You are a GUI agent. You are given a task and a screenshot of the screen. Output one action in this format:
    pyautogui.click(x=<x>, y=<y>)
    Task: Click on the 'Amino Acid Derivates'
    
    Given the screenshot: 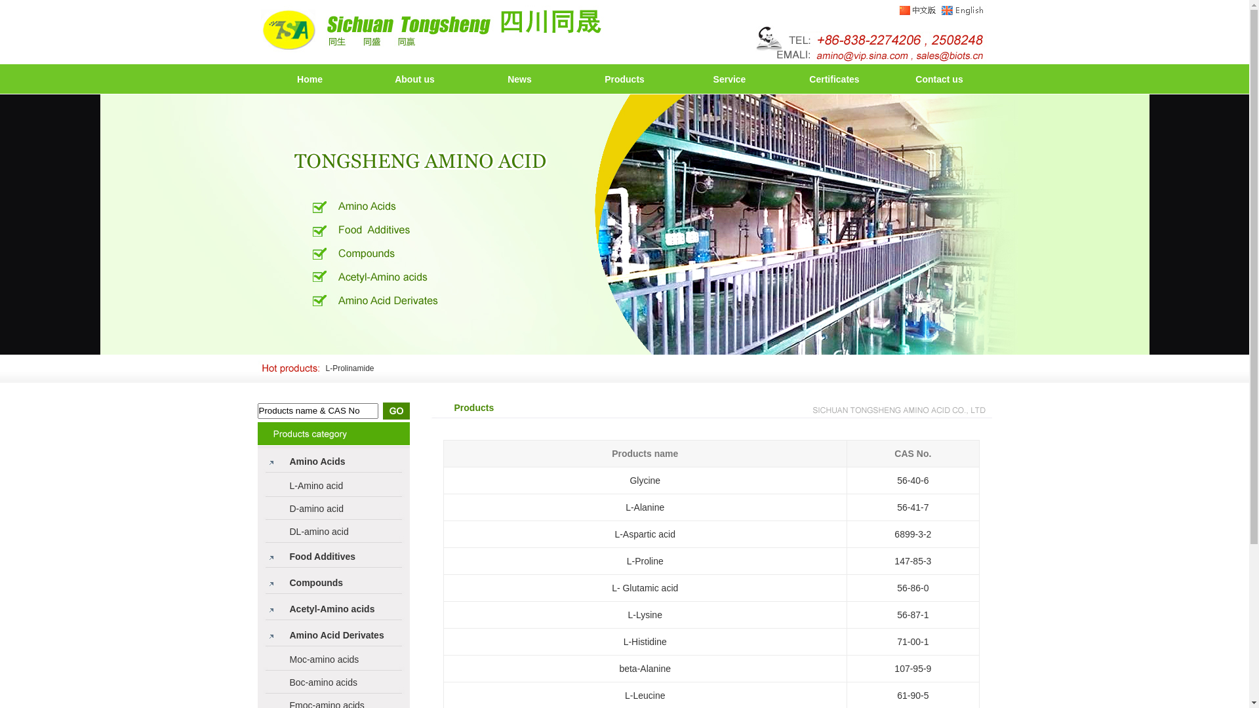 What is the action you would take?
    pyautogui.click(x=289, y=634)
    